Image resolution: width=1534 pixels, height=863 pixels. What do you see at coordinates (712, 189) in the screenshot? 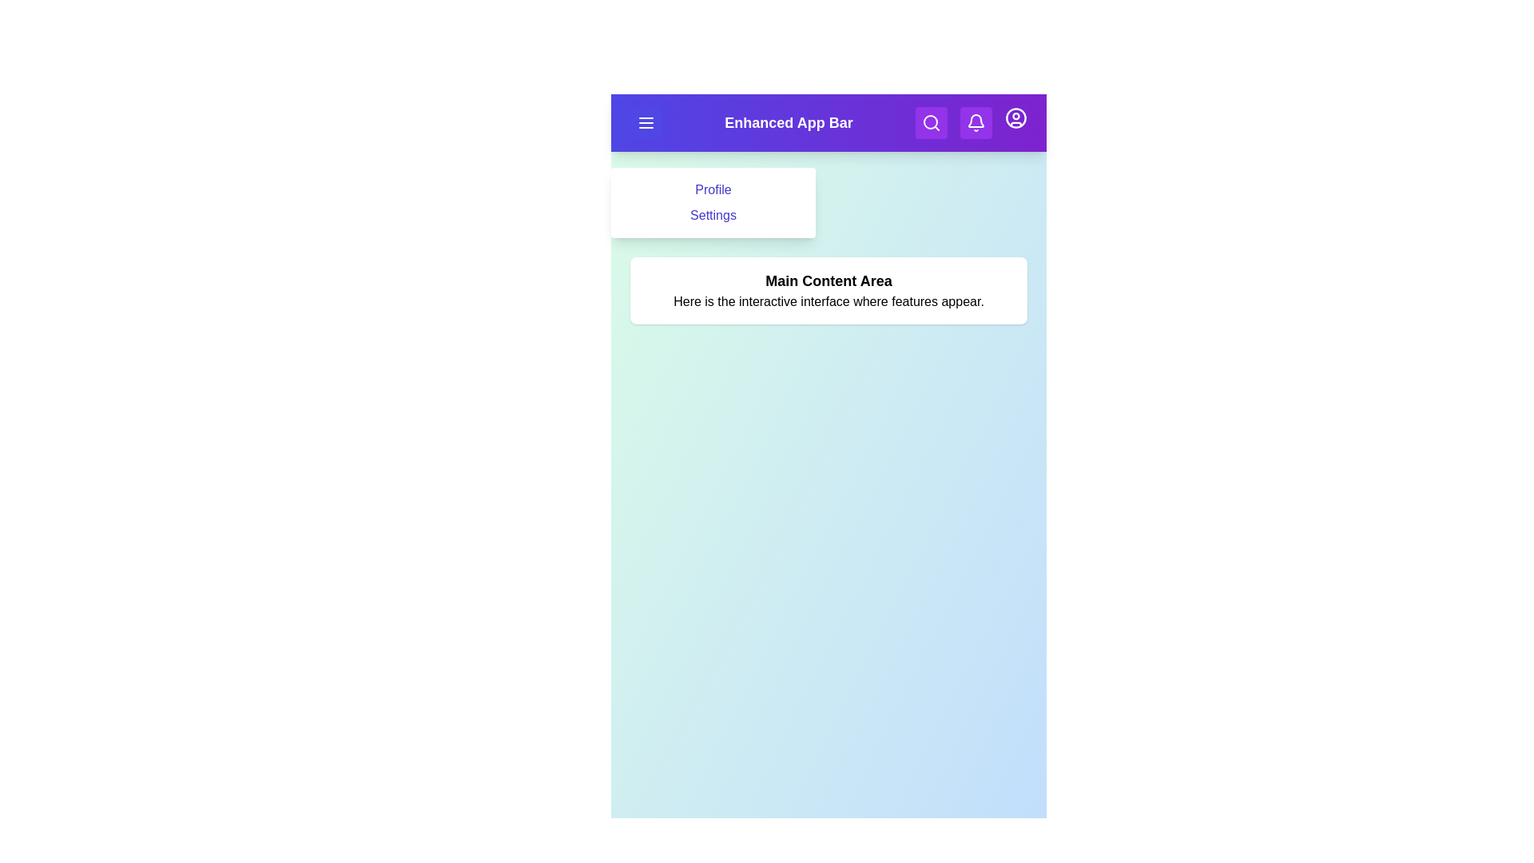
I see `the sidebar option Profile` at bounding box center [712, 189].